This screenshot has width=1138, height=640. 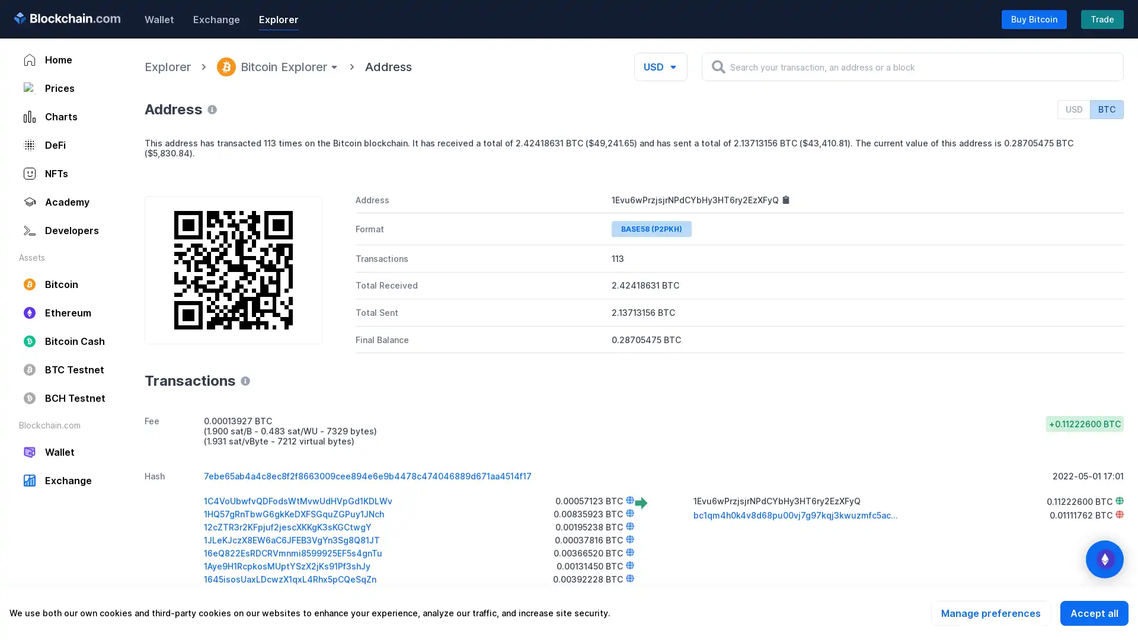 What do you see at coordinates (990, 613) in the screenshot?
I see `Manage preferences` at bounding box center [990, 613].